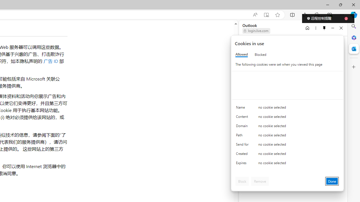 The width and height of the screenshot is (360, 202). Describe the element at coordinates (242, 54) in the screenshot. I see `'Allowed'` at that location.